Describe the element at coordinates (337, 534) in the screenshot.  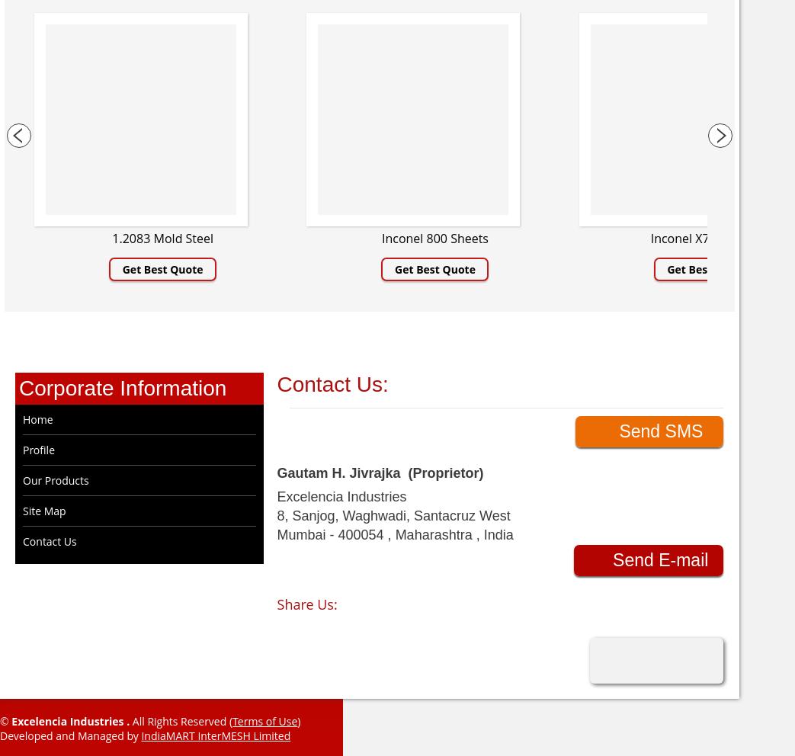
I see `'400054'` at that location.